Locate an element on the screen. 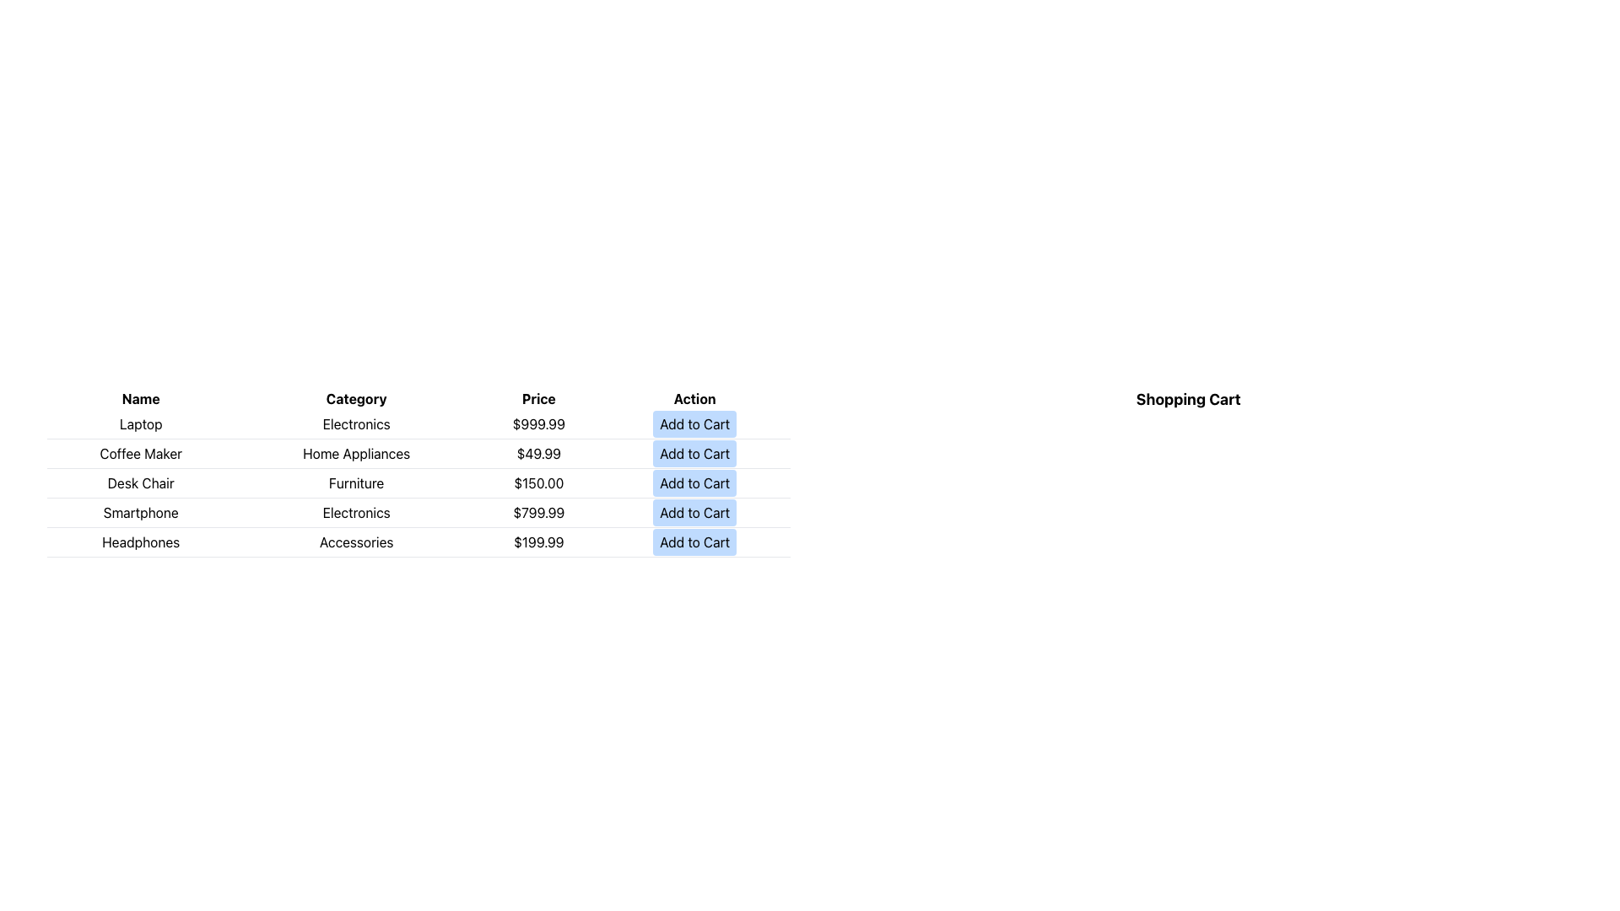  the fourth 'Add to Cart' button associated with the product 'Smartphone' is located at coordinates (694, 512).